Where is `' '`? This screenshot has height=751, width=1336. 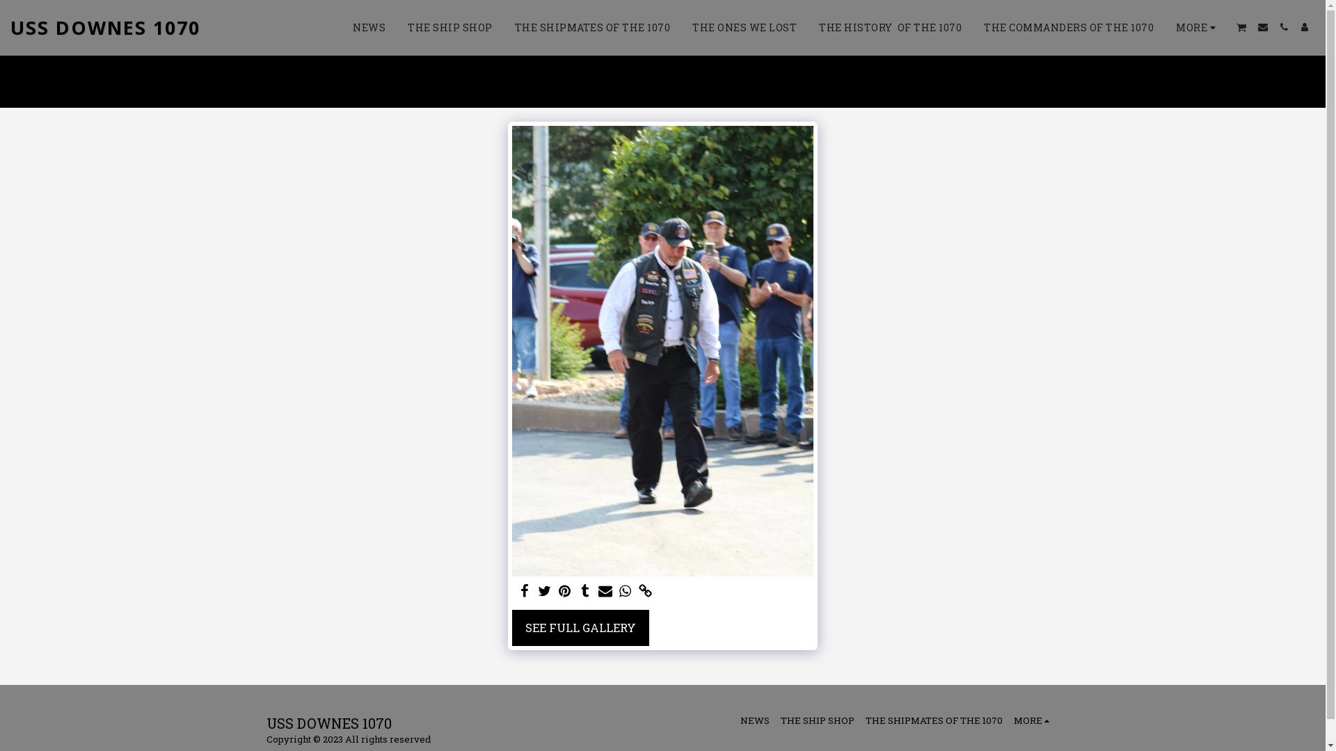 ' ' is located at coordinates (1282, 26).